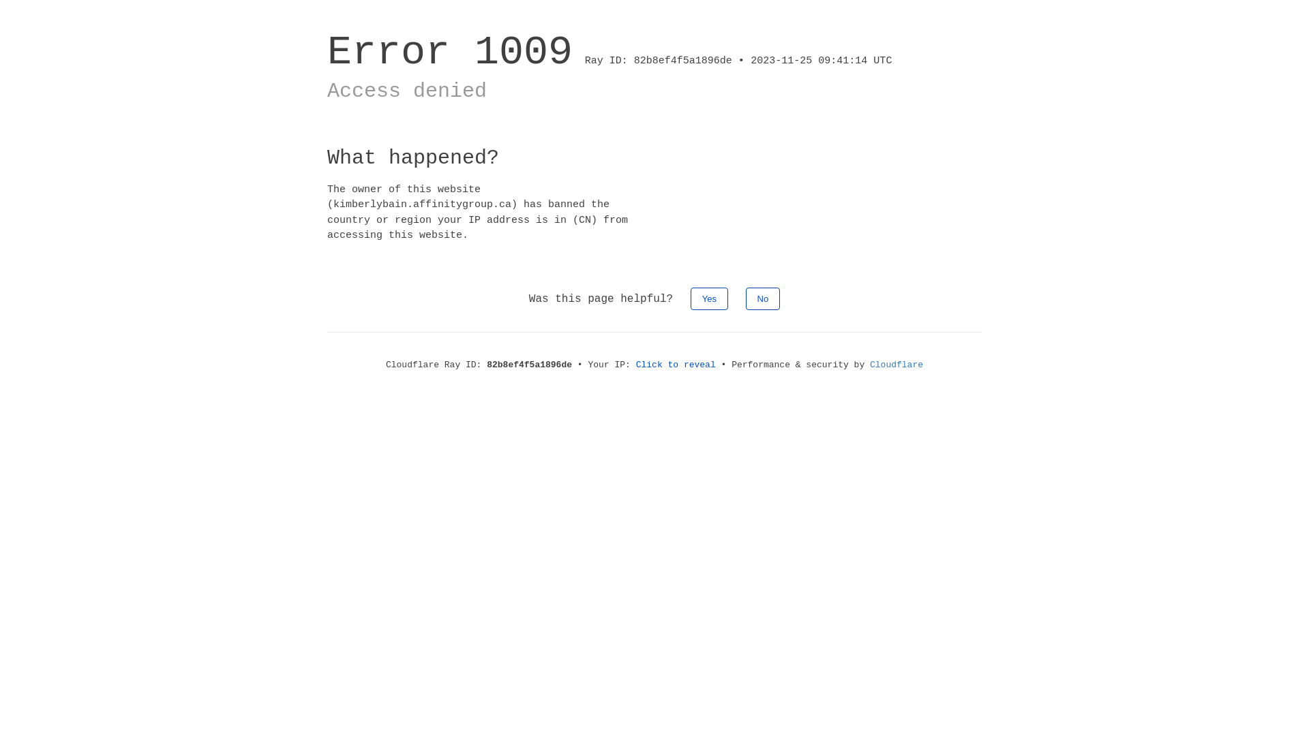  I want to click on 'Cloudflare', so click(897, 364).